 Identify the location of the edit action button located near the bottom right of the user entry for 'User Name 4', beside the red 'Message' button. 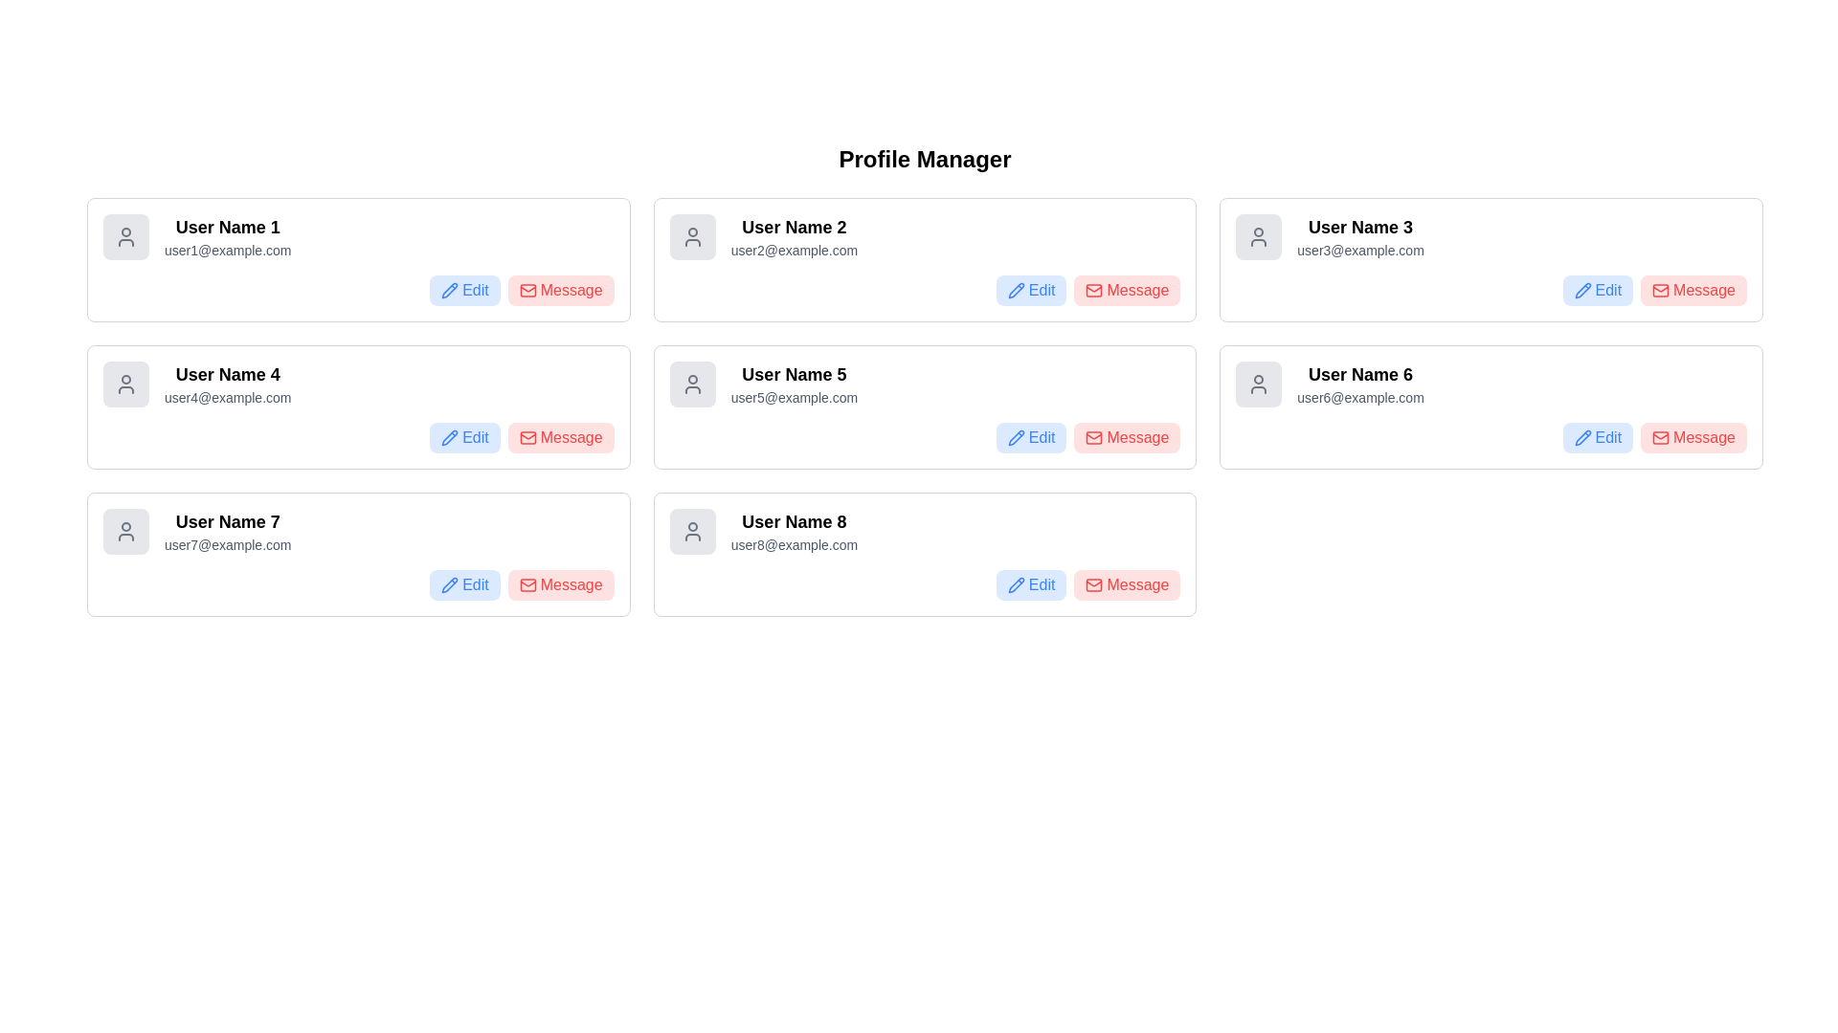
(475, 438).